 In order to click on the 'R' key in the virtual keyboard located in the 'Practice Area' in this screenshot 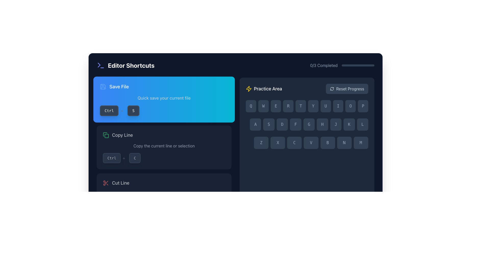, I will do `click(288, 106)`.